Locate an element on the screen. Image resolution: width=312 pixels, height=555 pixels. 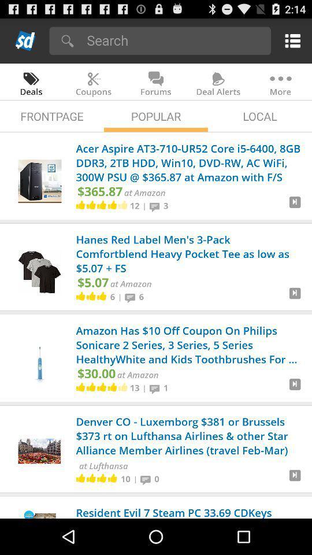
proceed to product page is located at coordinates (295, 480).